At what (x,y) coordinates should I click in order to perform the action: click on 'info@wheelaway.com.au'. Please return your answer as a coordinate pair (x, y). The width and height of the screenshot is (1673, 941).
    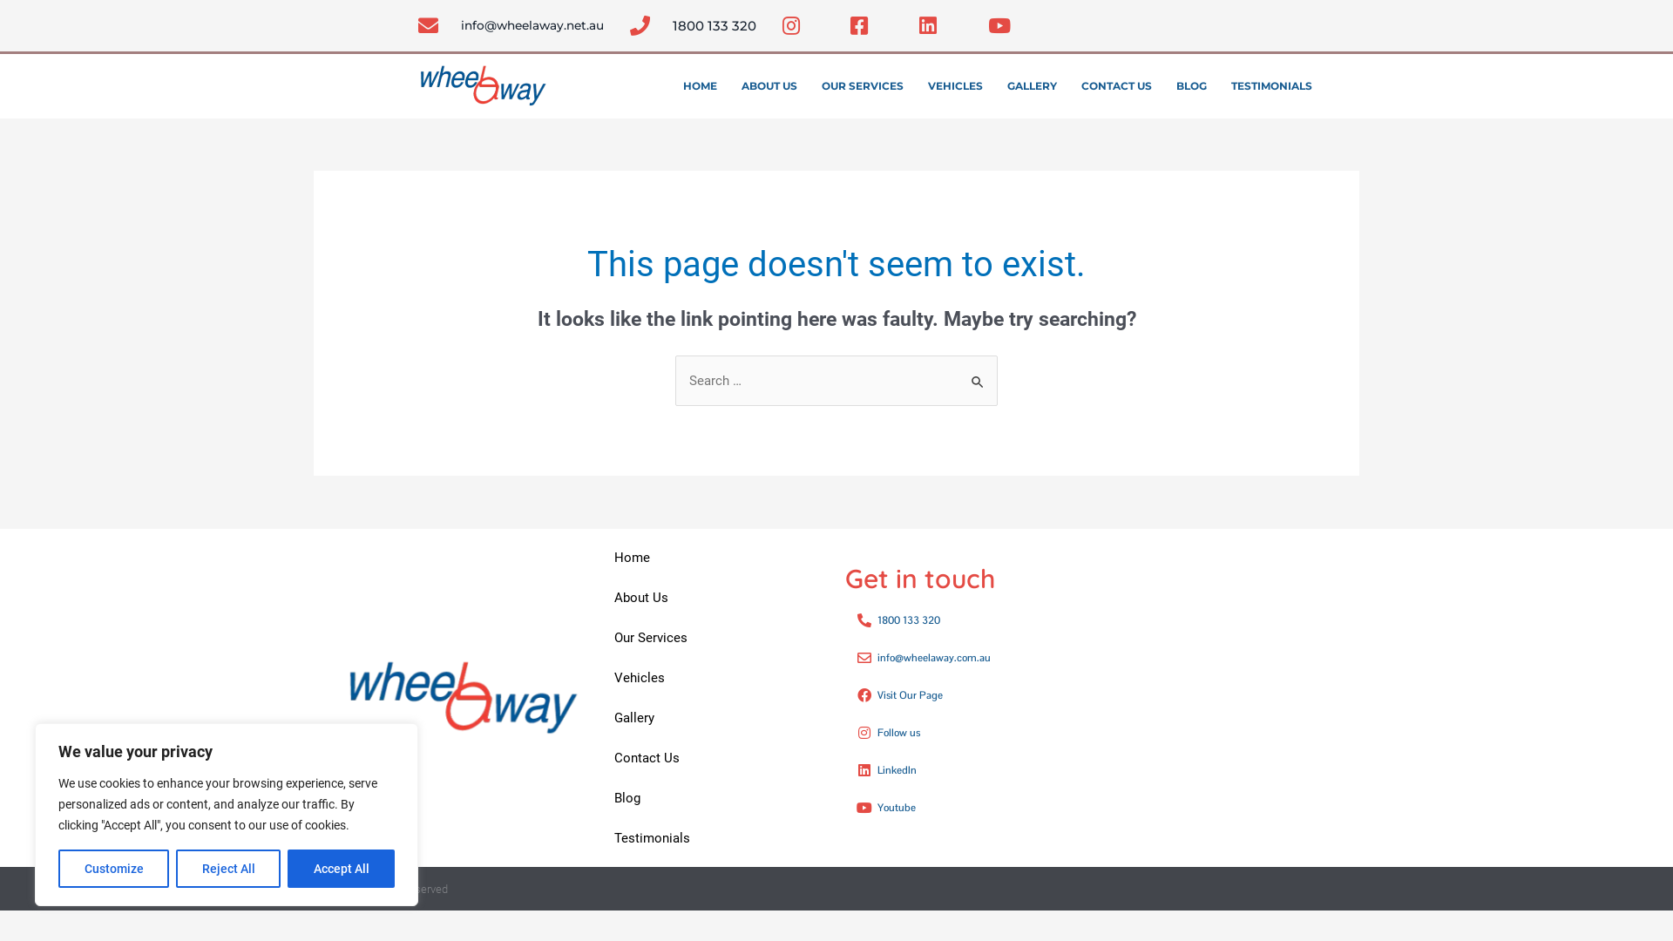
    Looking at the image, I should click on (965, 658).